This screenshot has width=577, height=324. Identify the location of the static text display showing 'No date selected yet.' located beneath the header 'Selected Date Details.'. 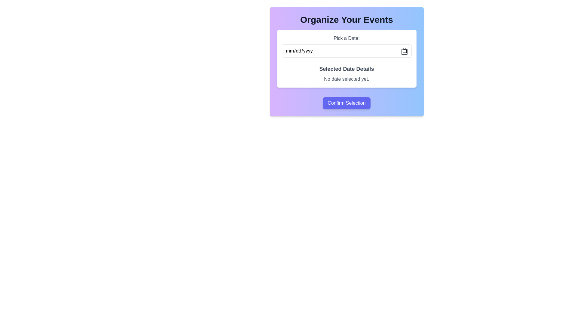
(347, 79).